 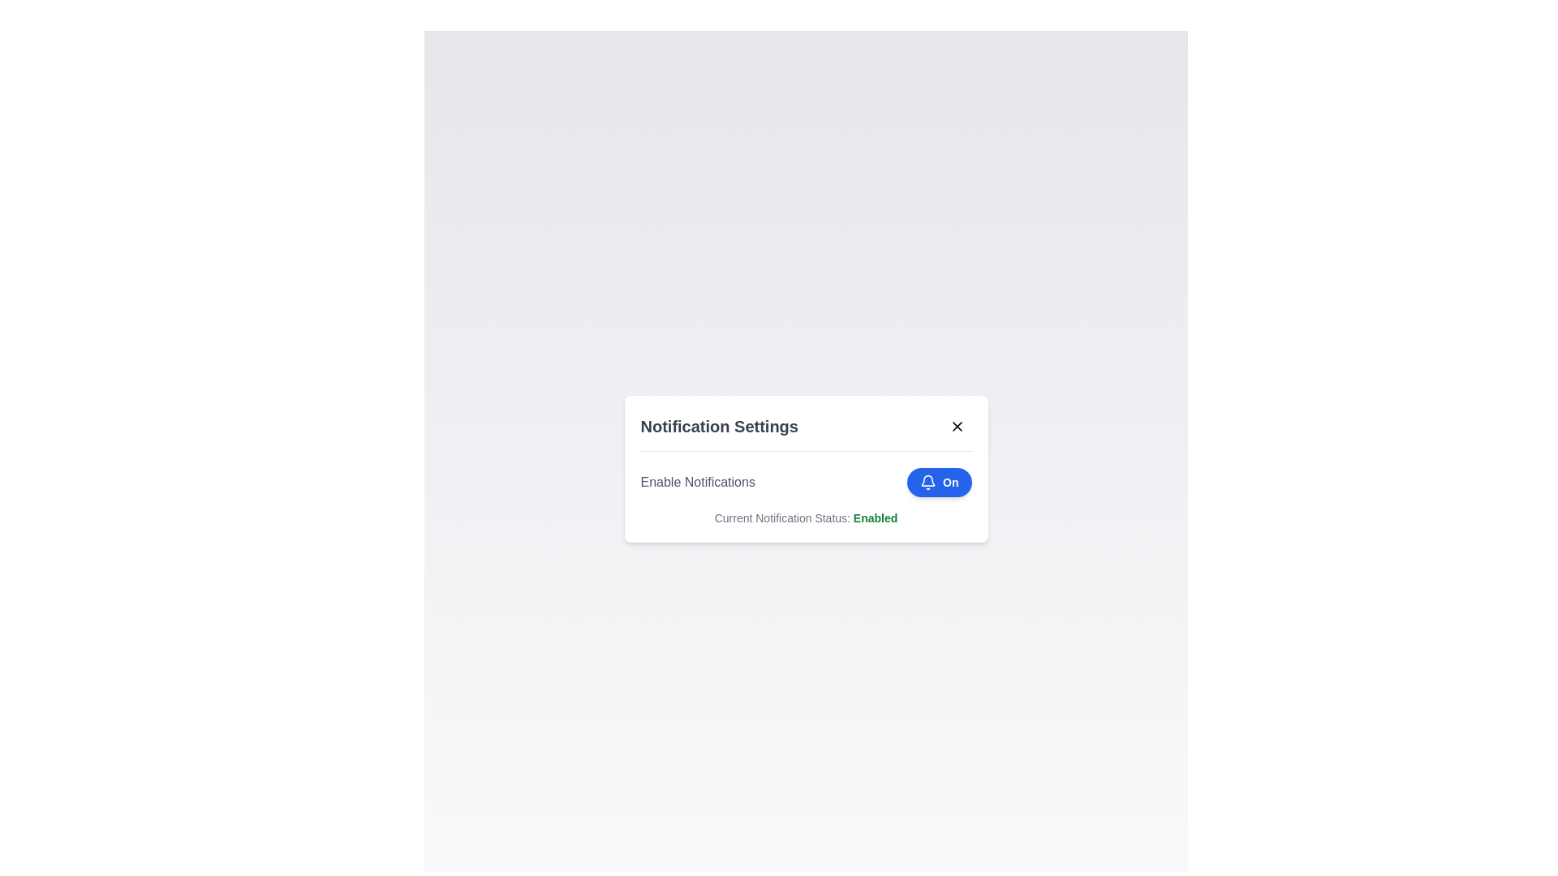 I want to click on the 'On' button with a blue background and a white bell icon, so click(x=939, y=481).